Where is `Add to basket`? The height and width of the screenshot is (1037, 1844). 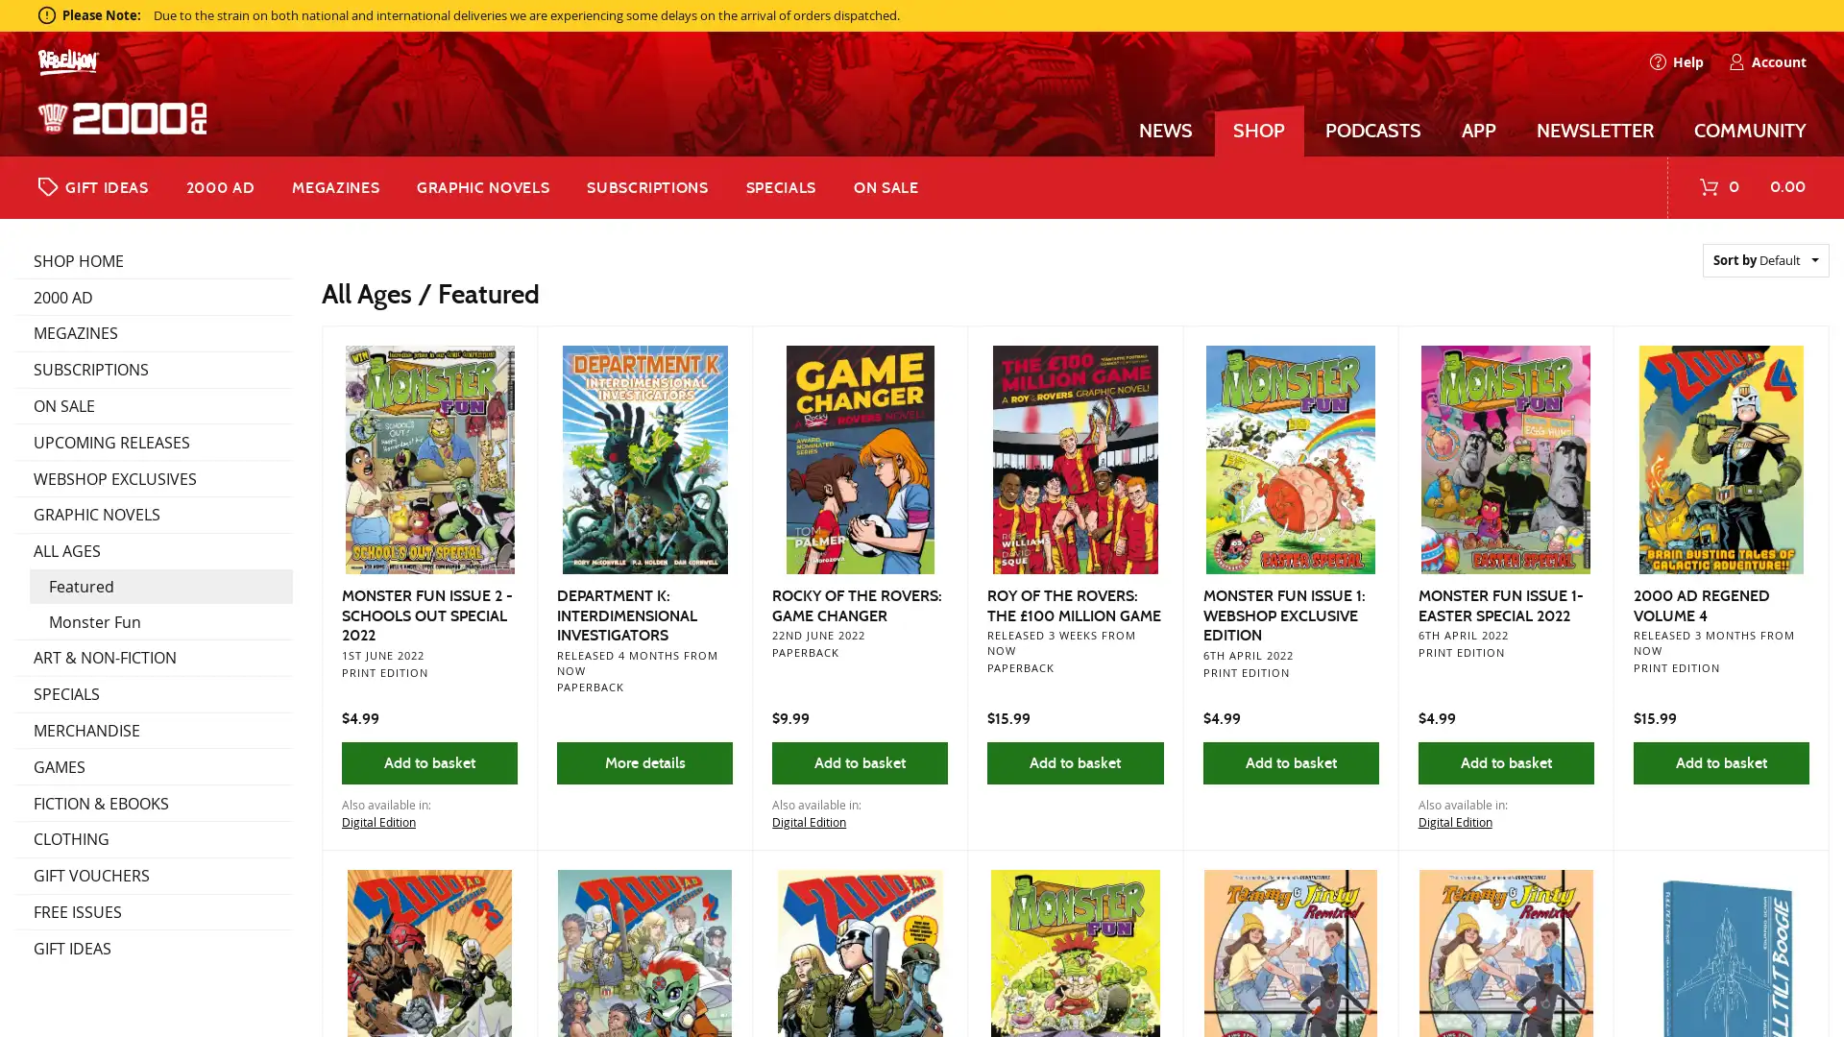 Add to basket is located at coordinates (859, 761).